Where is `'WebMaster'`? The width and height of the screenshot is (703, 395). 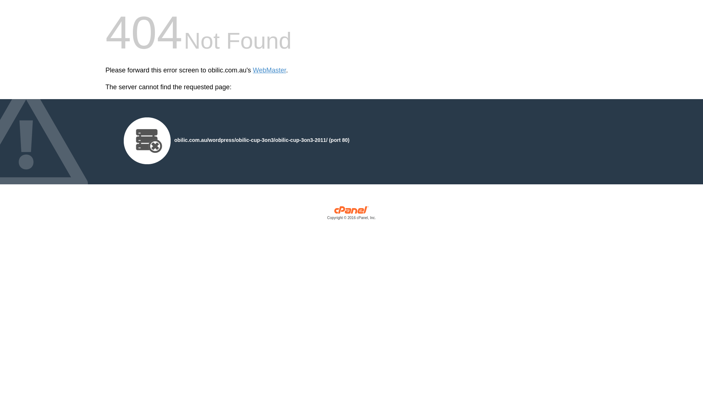 'WebMaster' is located at coordinates (253, 70).